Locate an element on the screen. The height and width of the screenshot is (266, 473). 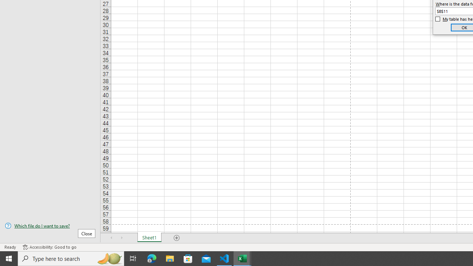
'Scroll Left' is located at coordinates (111, 238).